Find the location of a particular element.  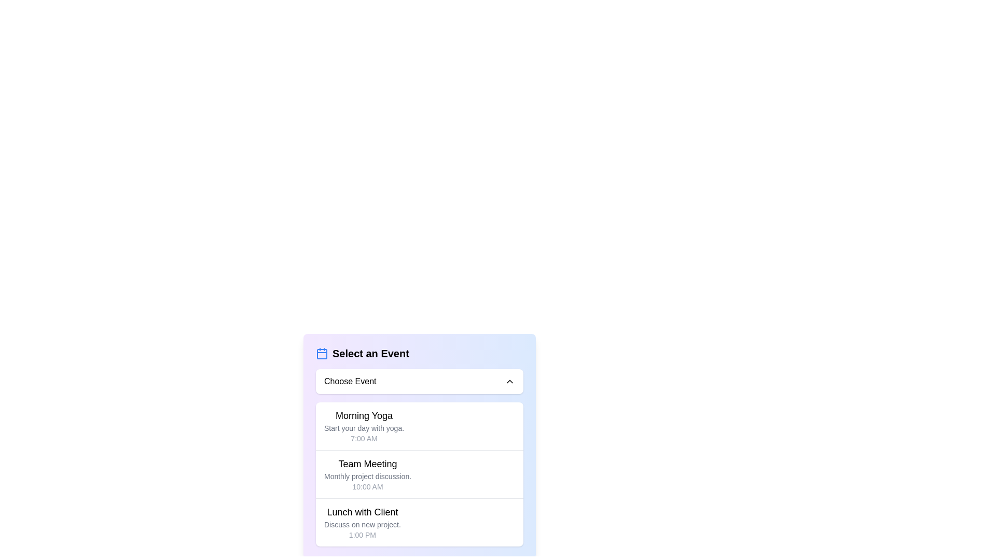

the text label displaying 'Morning Yoga', which is styled in bold and larger font, located at the top of a list of event items in a dropdown area is located at coordinates (364, 415).